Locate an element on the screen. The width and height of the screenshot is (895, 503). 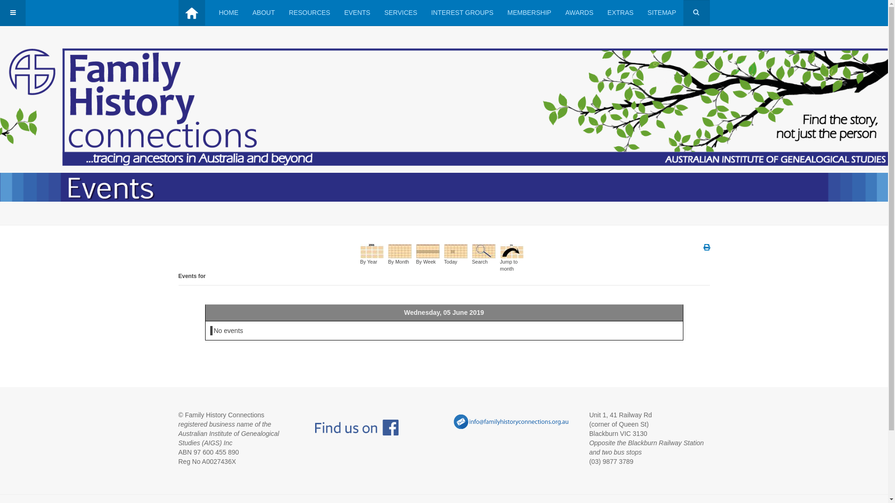
'INTEREST GROUPS' is located at coordinates (462, 13).